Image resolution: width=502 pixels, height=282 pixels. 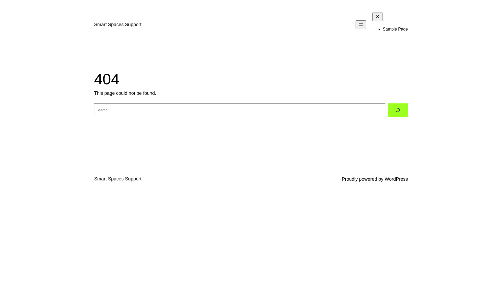 What do you see at coordinates (396, 179) in the screenshot?
I see `'WordPress'` at bounding box center [396, 179].